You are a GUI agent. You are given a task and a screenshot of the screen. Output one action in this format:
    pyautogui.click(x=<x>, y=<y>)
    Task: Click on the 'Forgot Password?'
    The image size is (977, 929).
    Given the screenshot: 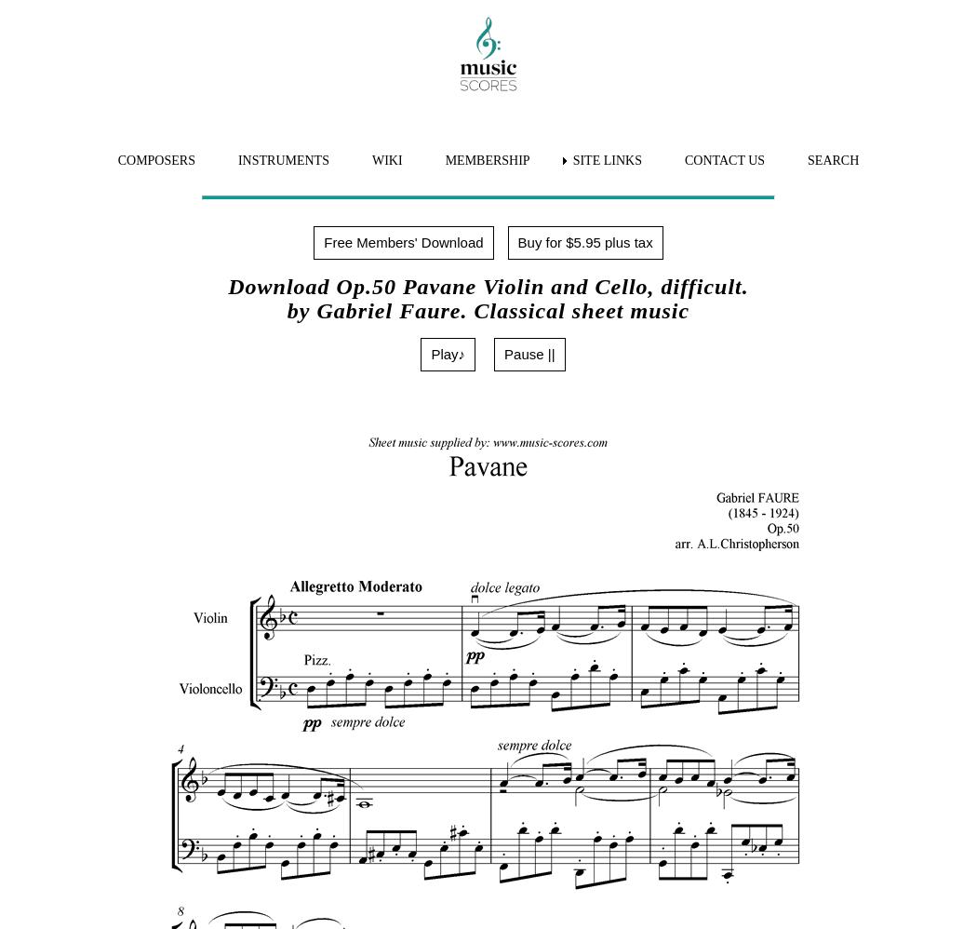 What is the action you would take?
    pyautogui.click(x=90, y=483)
    